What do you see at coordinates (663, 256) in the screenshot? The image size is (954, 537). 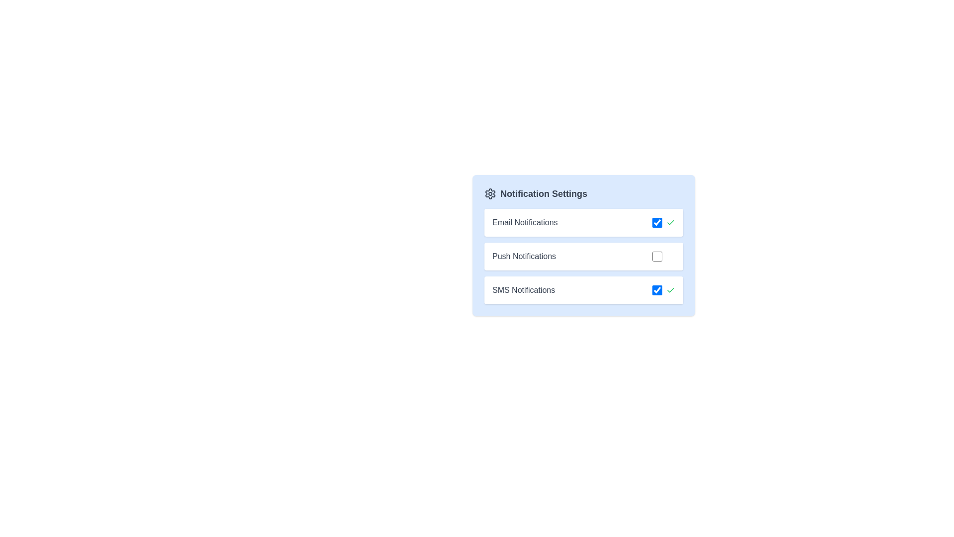 I see `the blue-themed checkbox next to 'Push Notifications'` at bounding box center [663, 256].